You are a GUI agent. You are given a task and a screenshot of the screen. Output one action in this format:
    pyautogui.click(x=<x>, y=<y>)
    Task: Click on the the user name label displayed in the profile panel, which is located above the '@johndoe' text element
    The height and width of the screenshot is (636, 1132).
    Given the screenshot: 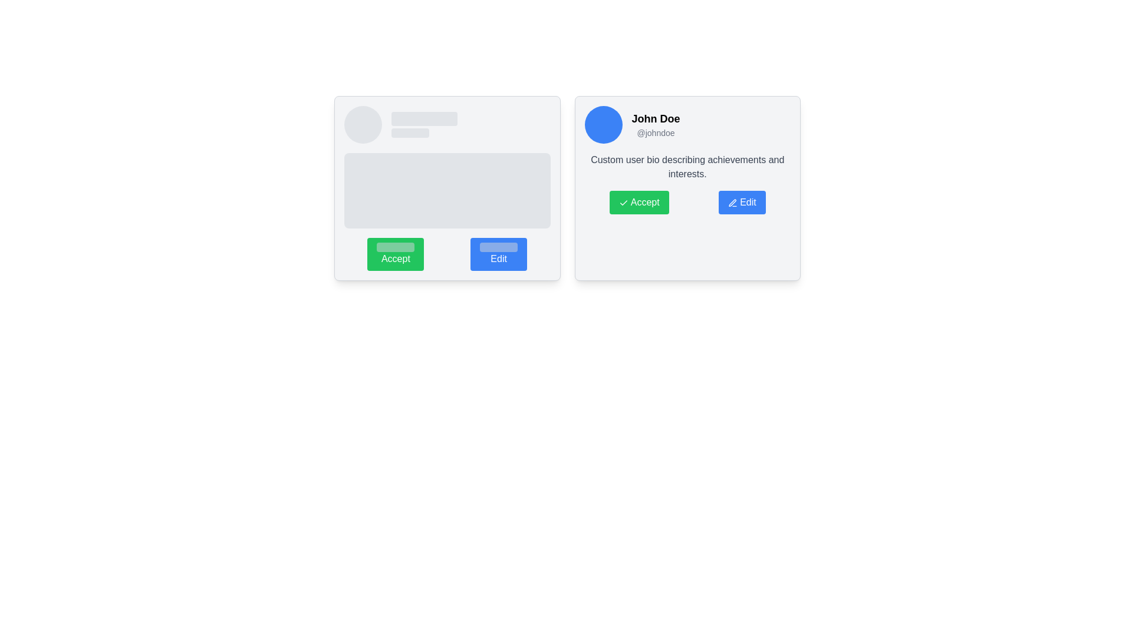 What is the action you would take?
    pyautogui.click(x=655, y=118)
    